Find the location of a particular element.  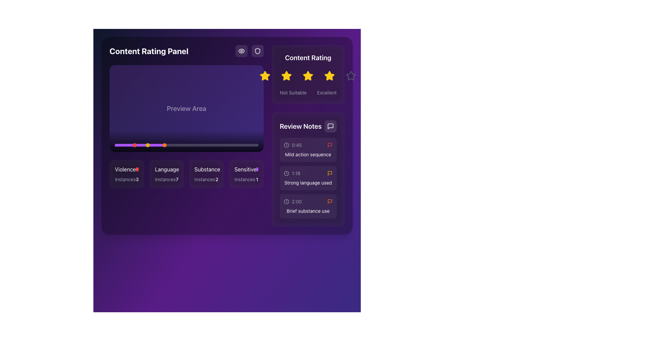

the timestamp '0:45' and note 'Mild action sequence' in the first list item of the Review Notes section is located at coordinates (308, 150).